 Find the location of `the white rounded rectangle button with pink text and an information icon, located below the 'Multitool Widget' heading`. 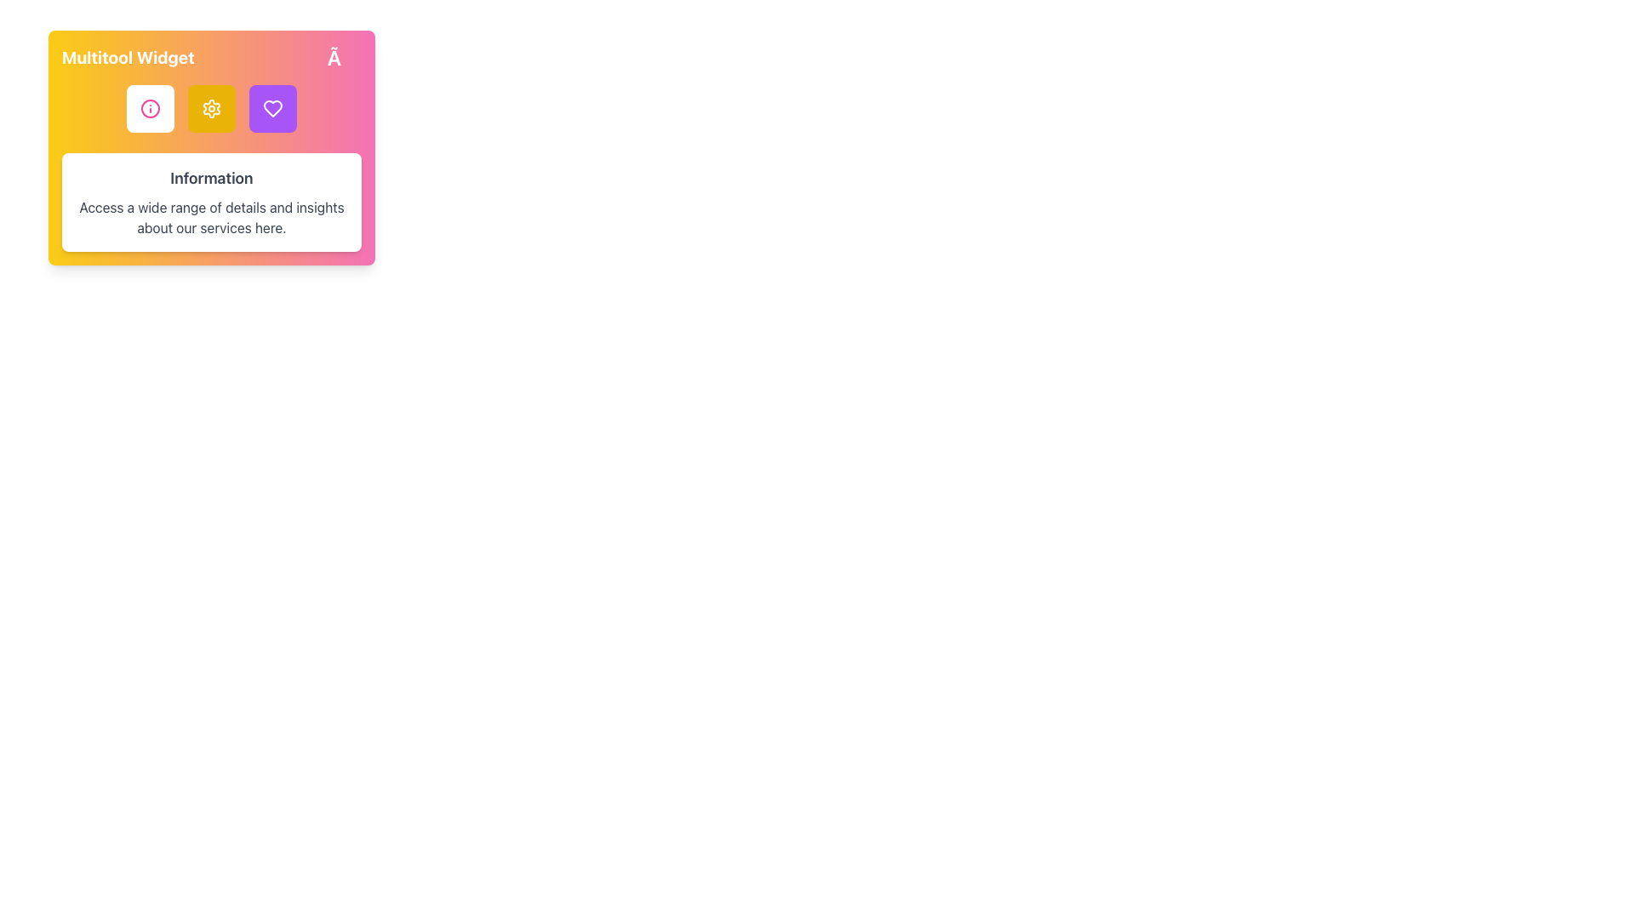

the white rounded rectangle button with pink text and an information icon, located below the 'Multitool Widget' heading is located at coordinates (151, 108).